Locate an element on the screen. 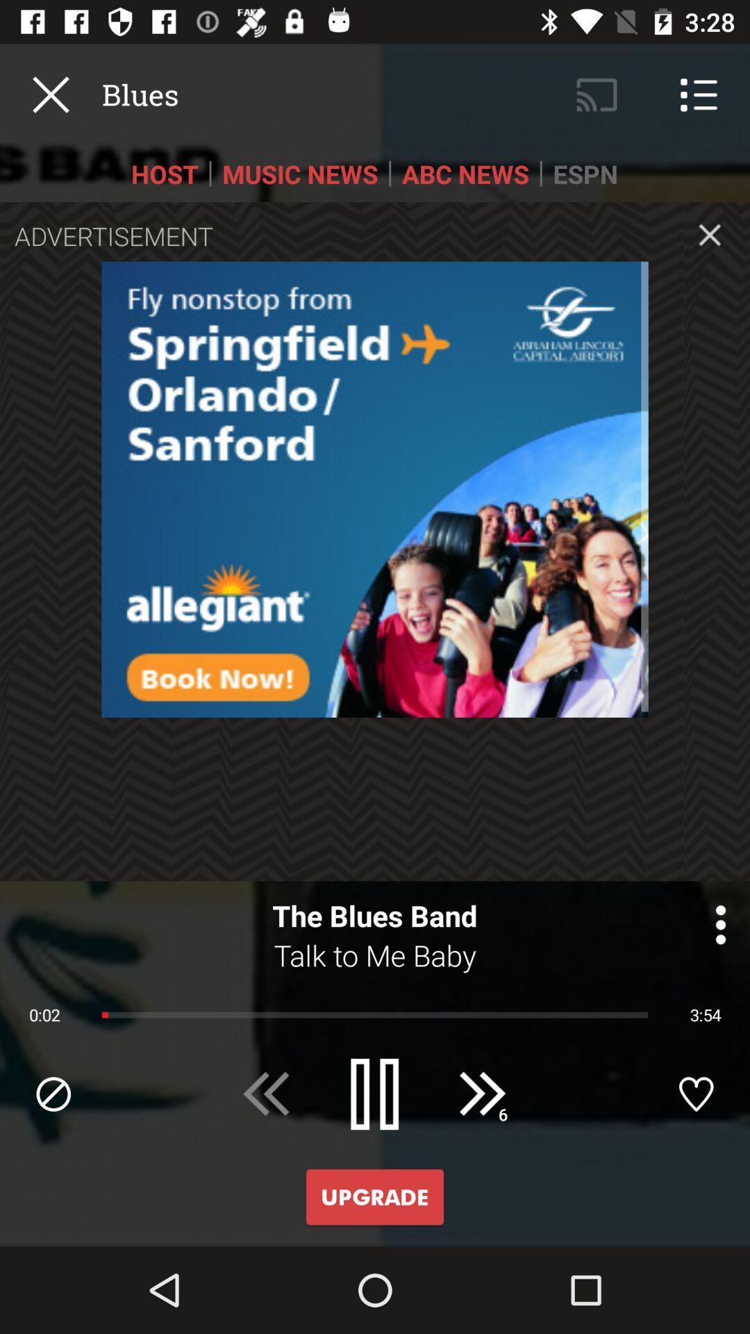 The image size is (750, 1334). the pause icon is located at coordinates (375, 1093).